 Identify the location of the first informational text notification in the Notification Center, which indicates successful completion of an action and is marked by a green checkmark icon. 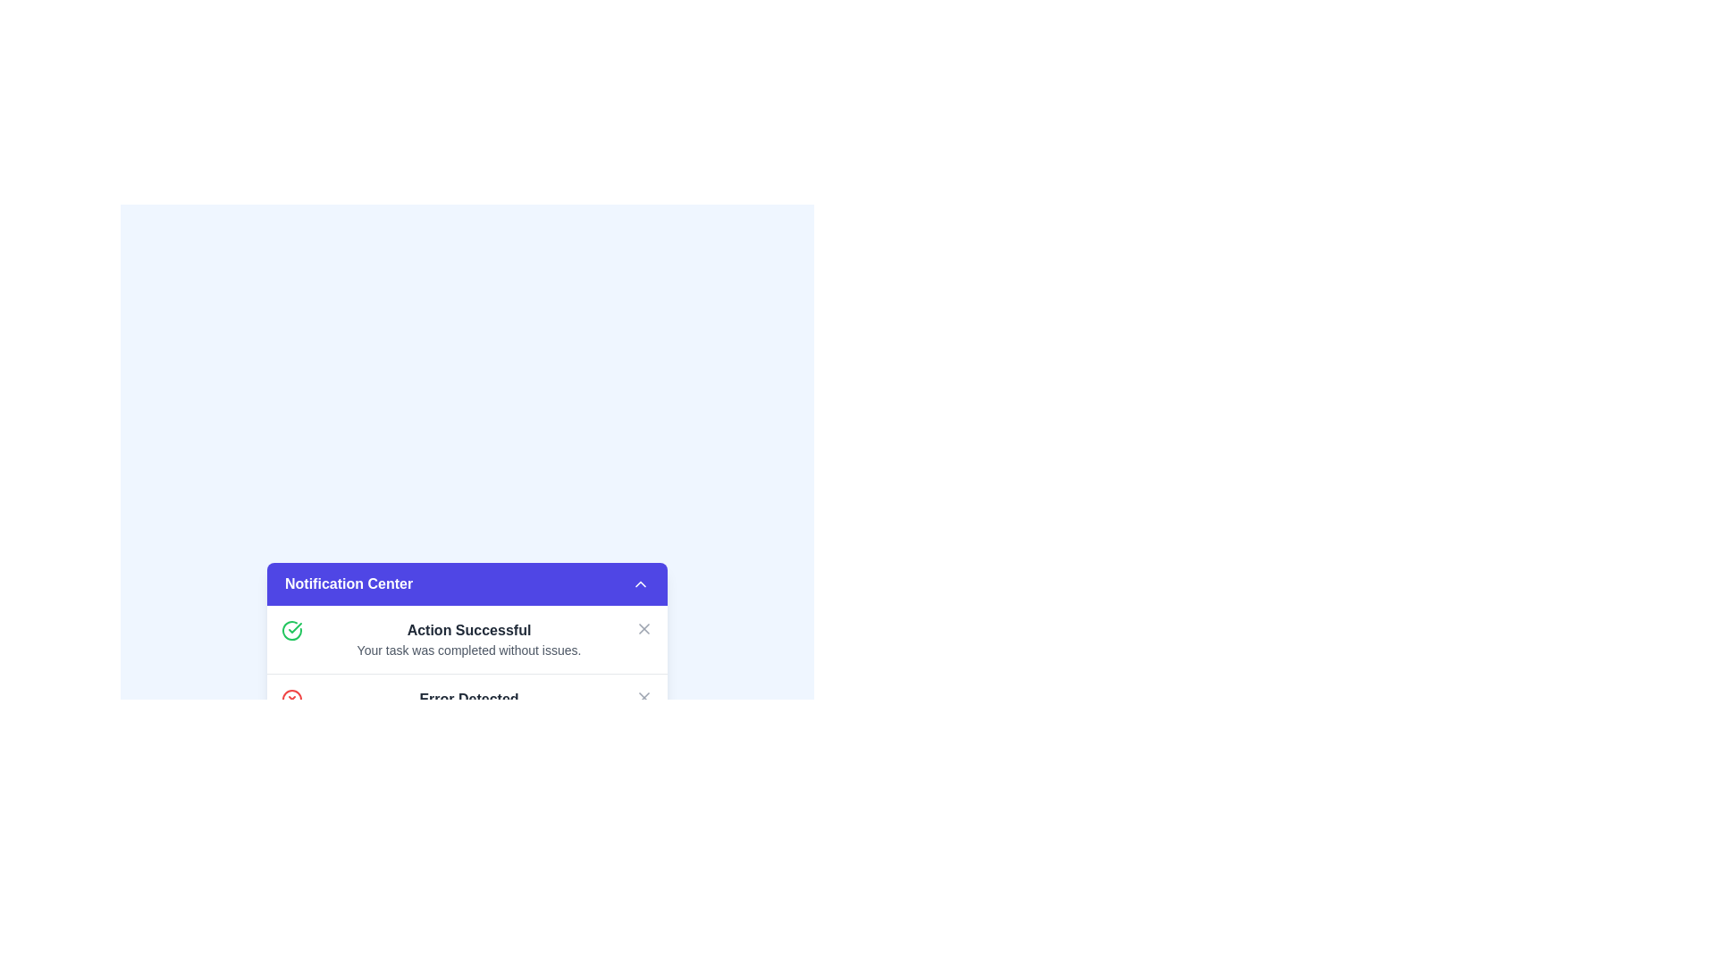
(468, 639).